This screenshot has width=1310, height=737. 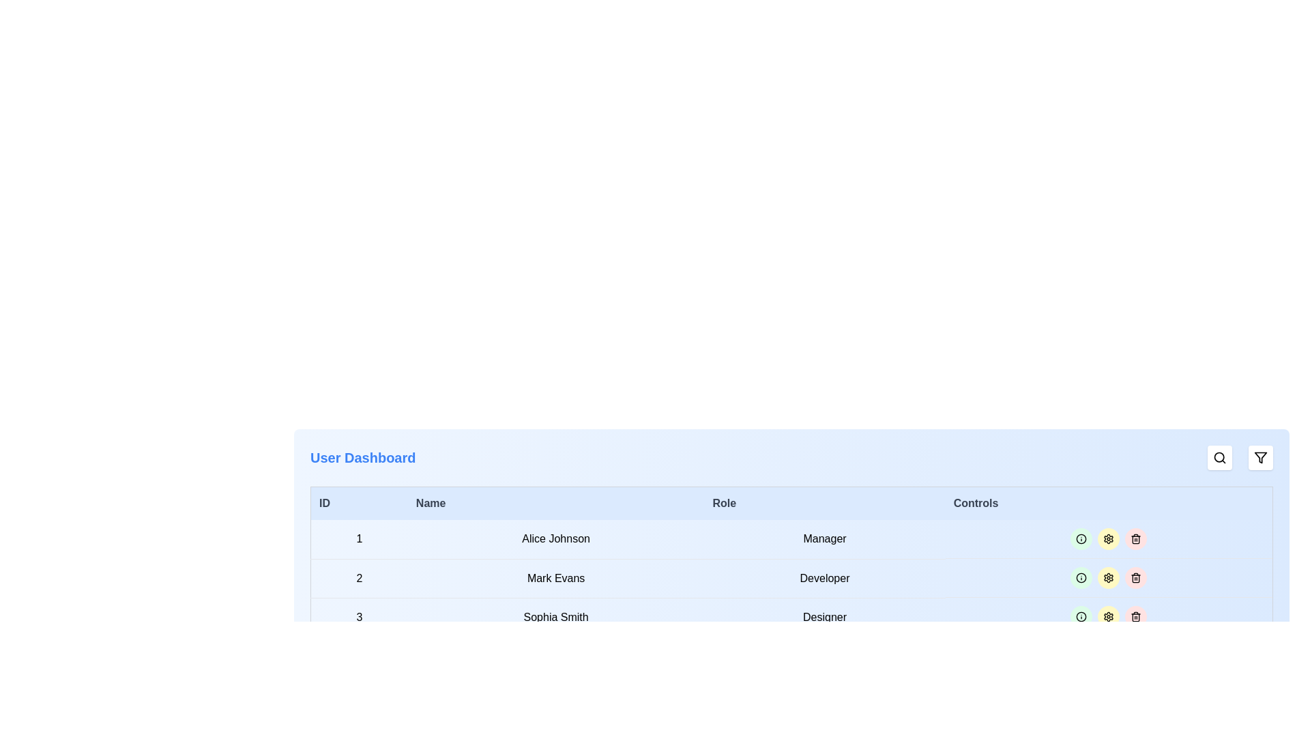 I want to click on the filter button located at the top-right corner of the interface, so click(x=1260, y=458).